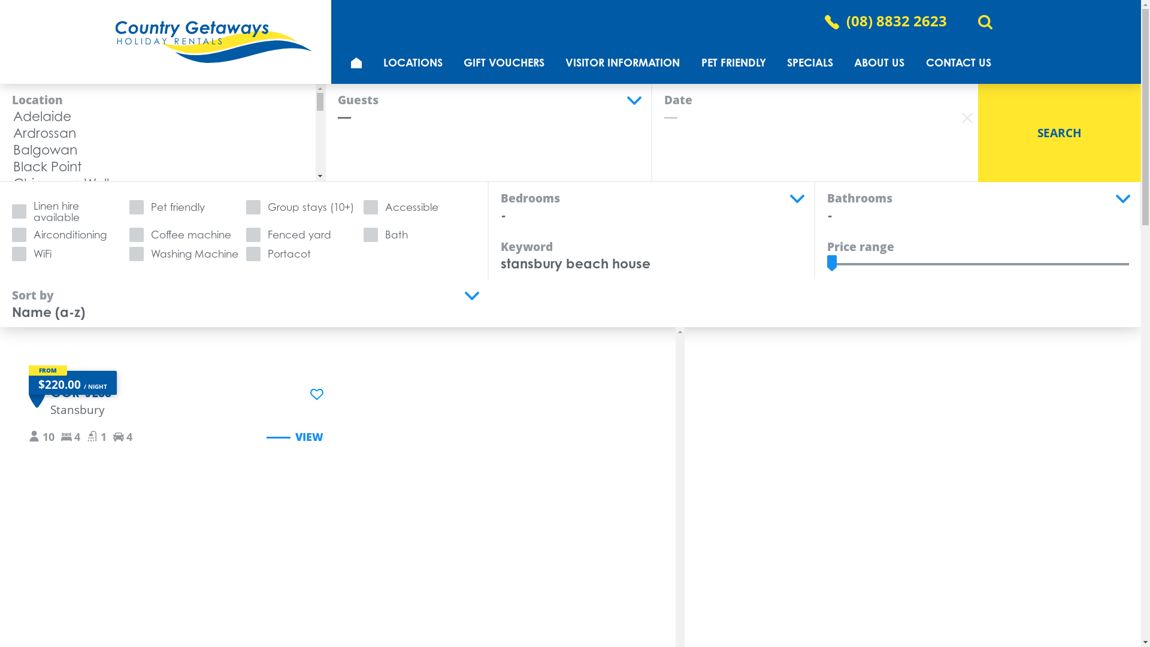 Image resolution: width=1150 pixels, height=647 pixels. What do you see at coordinates (914, 62) in the screenshot?
I see `'CONTACT US'` at bounding box center [914, 62].